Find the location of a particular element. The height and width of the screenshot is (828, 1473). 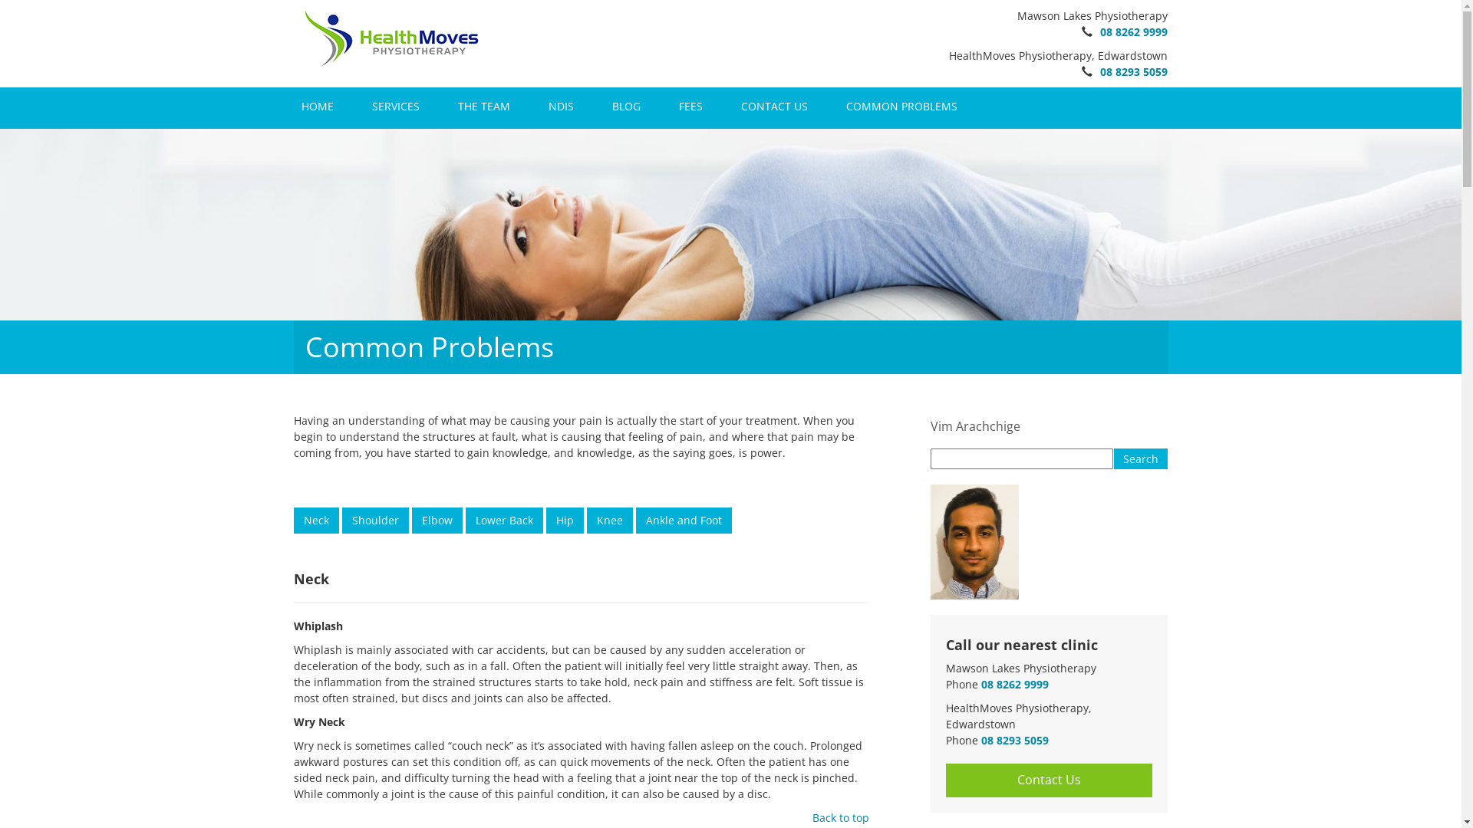

'Shoulder' is located at coordinates (375, 519).